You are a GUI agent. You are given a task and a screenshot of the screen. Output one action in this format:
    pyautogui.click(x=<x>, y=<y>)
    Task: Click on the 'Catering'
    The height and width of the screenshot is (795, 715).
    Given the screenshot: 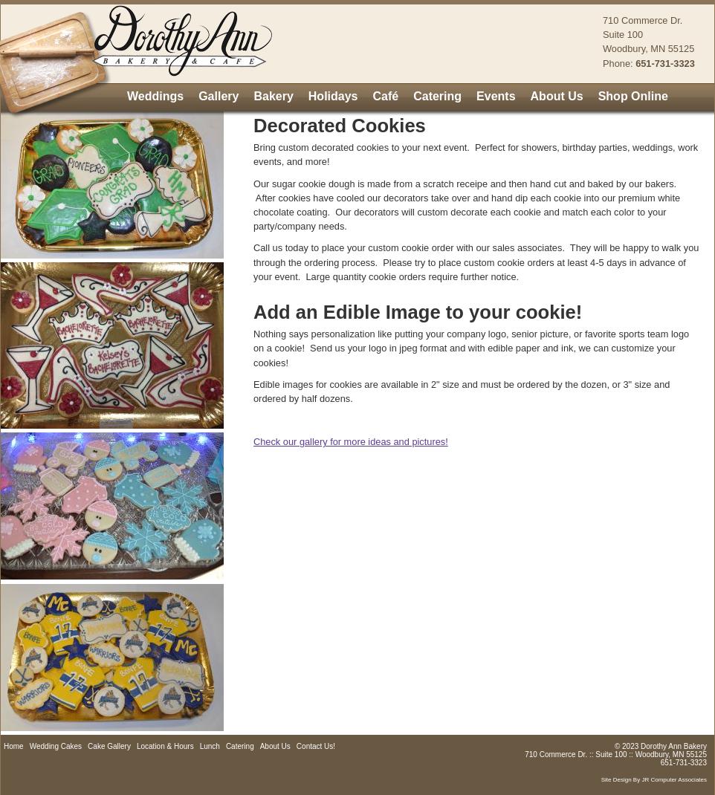 What is the action you would take?
    pyautogui.click(x=238, y=745)
    